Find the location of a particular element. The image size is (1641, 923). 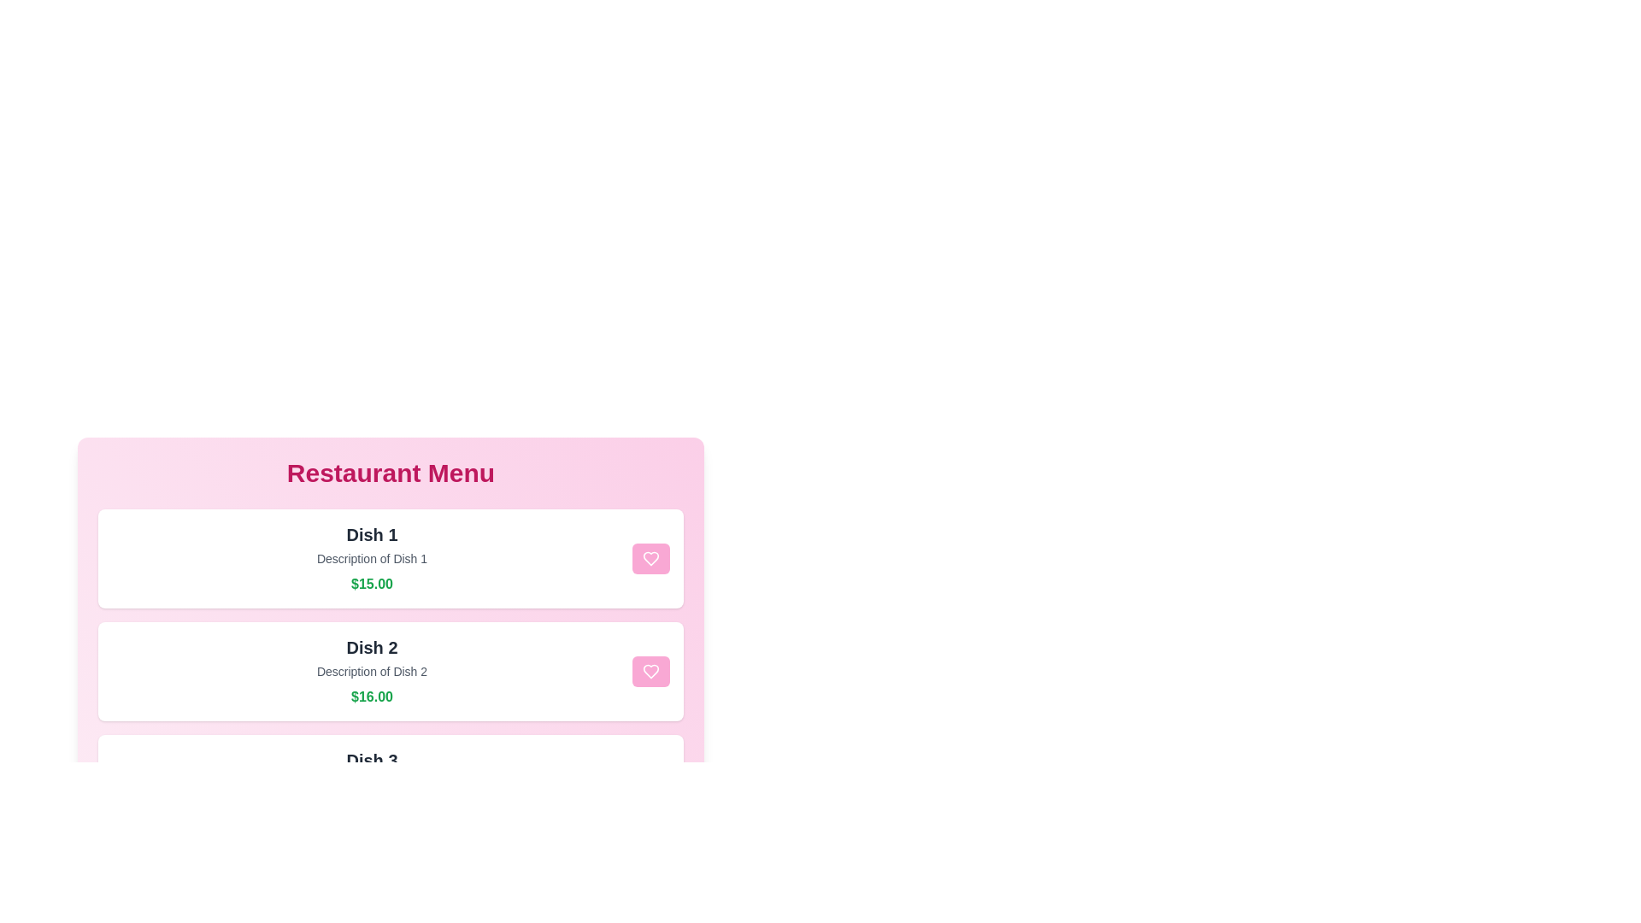

the static text element that provides additional information about 'Dish 2', which is located below the title and above the price in the menu section is located at coordinates (371, 671).